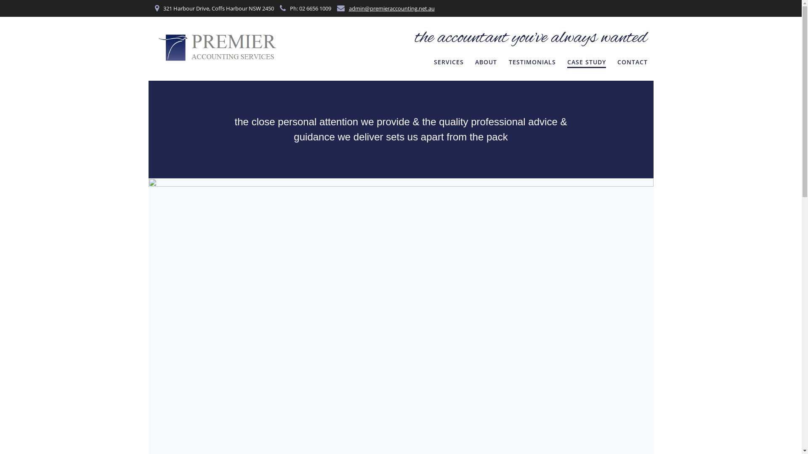 This screenshot has height=454, width=808. Describe the element at coordinates (486, 62) in the screenshot. I see `'ABOUT'` at that location.